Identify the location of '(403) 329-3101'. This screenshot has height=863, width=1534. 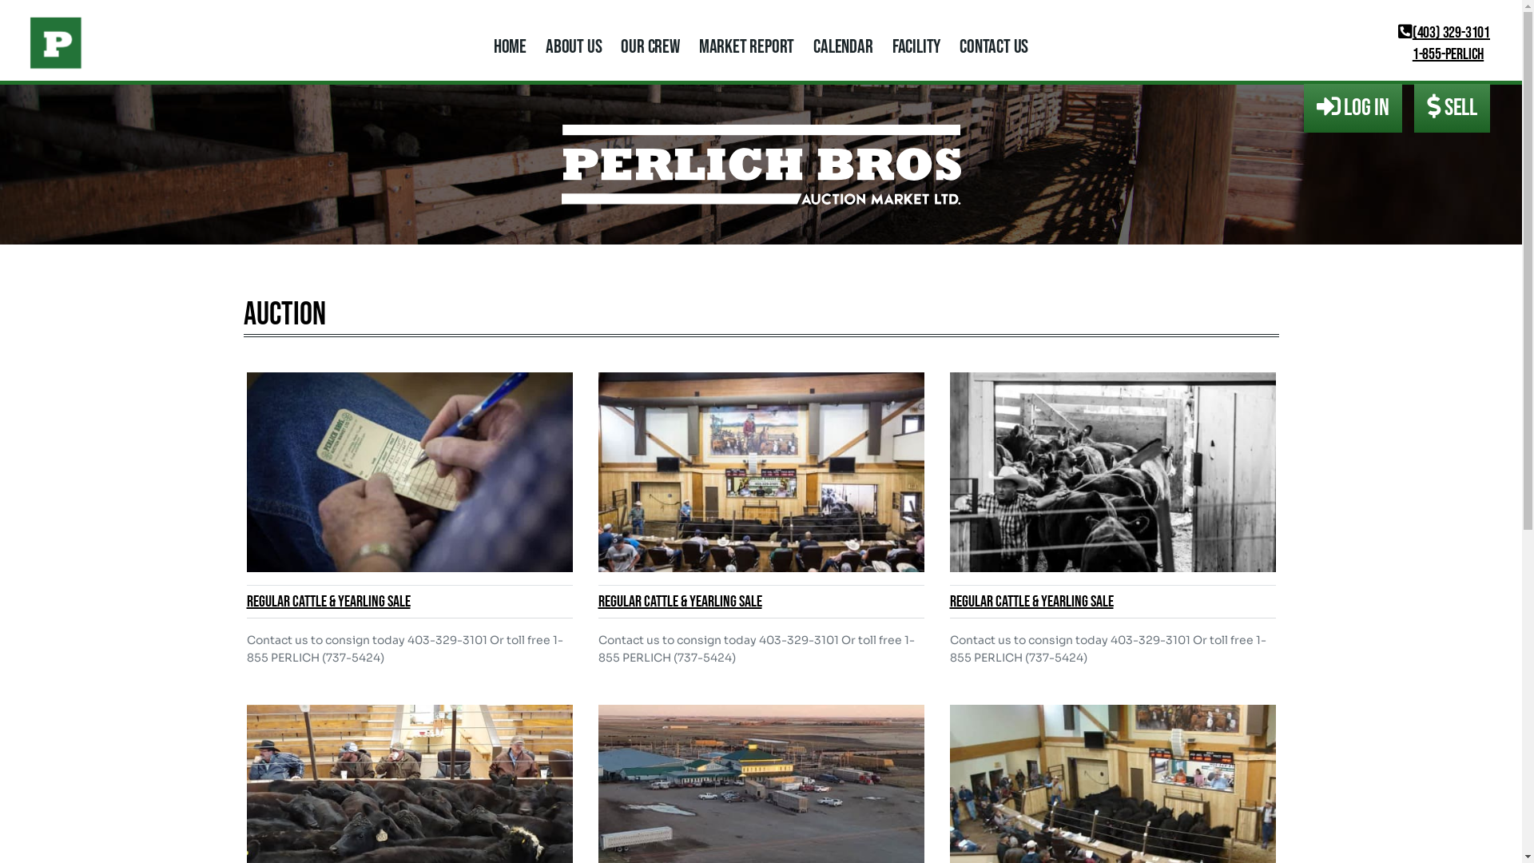
(1444, 33).